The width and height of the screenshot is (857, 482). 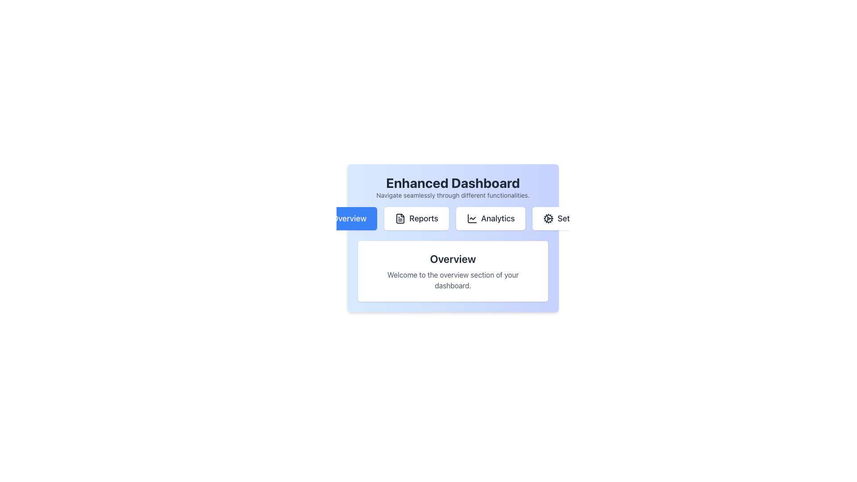 What do you see at coordinates (490, 218) in the screenshot?
I see `the 'Analytics' button in the navigation bar` at bounding box center [490, 218].